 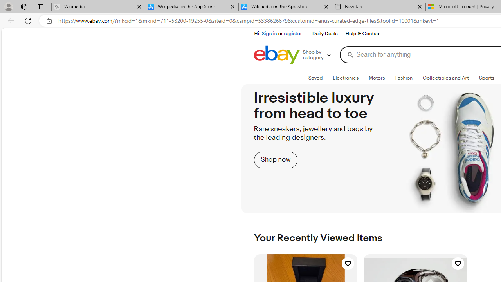 What do you see at coordinates (325, 34) in the screenshot?
I see `'Daily Deals'` at bounding box center [325, 34].